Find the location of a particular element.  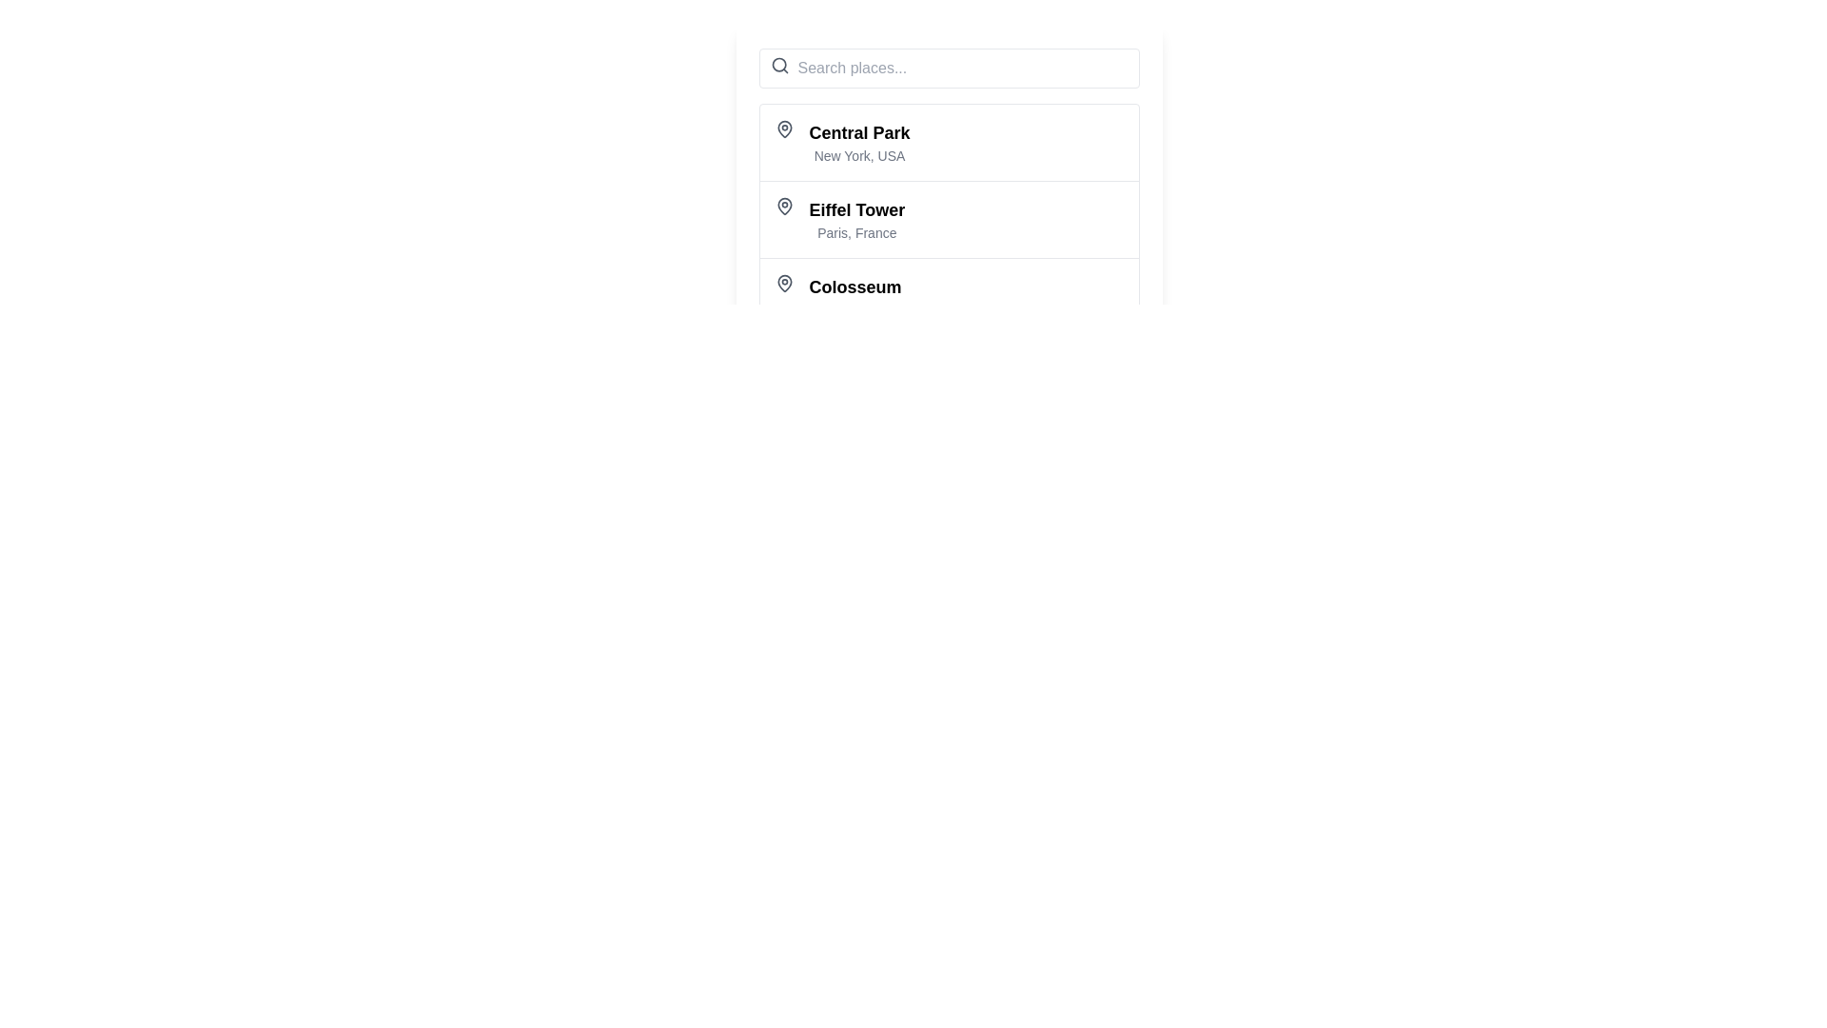

the text element displaying detailed location information associated with the title 'Central Park', which is located directly under the bold title and part of a vertical list of similar entries is located at coordinates (858, 155).